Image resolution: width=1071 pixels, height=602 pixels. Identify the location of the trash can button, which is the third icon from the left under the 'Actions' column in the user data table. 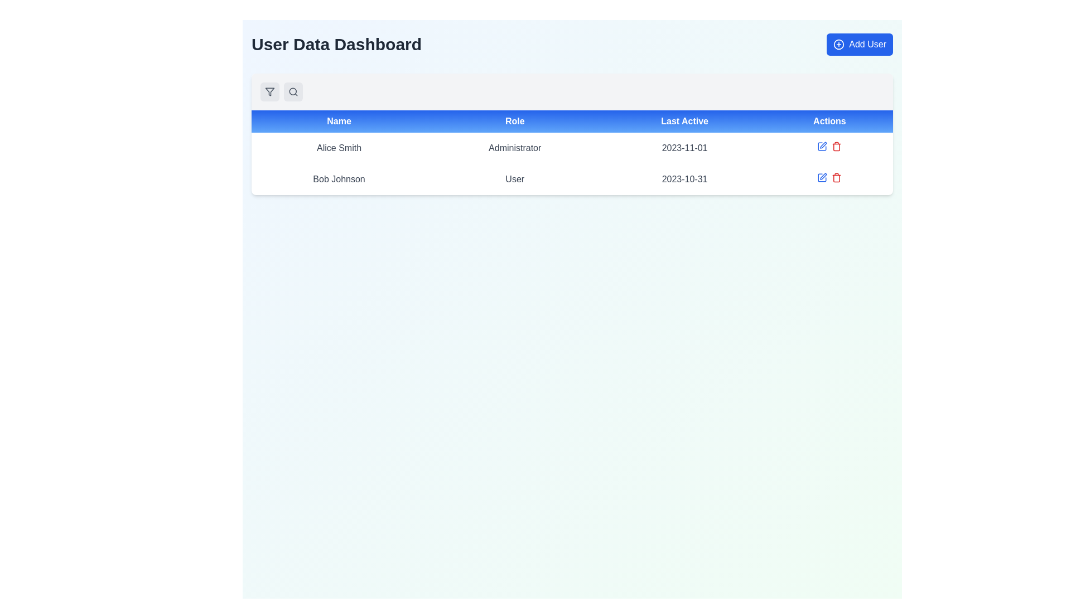
(837, 145).